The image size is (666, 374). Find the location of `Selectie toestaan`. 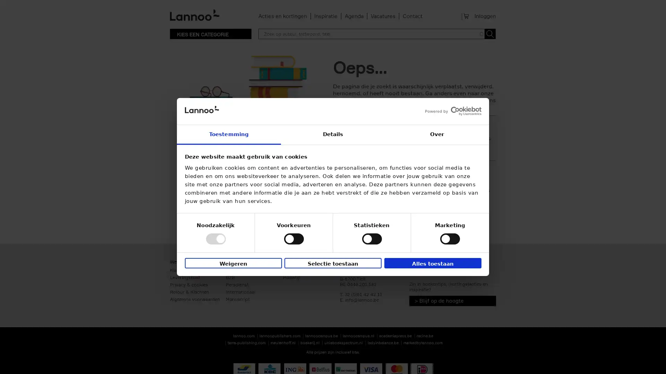

Selectie toestaan is located at coordinates (333, 263).